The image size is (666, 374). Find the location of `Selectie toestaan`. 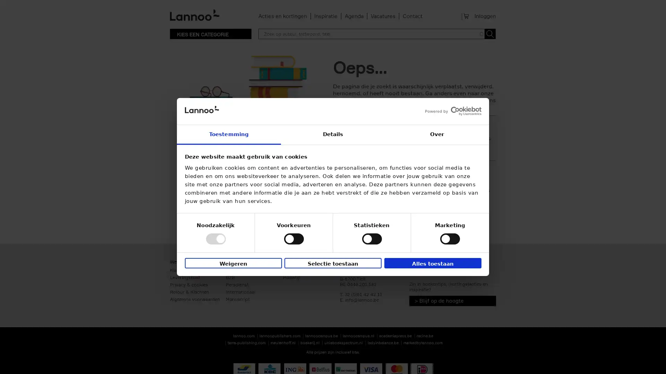

Selectie toestaan is located at coordinates (333, 263).